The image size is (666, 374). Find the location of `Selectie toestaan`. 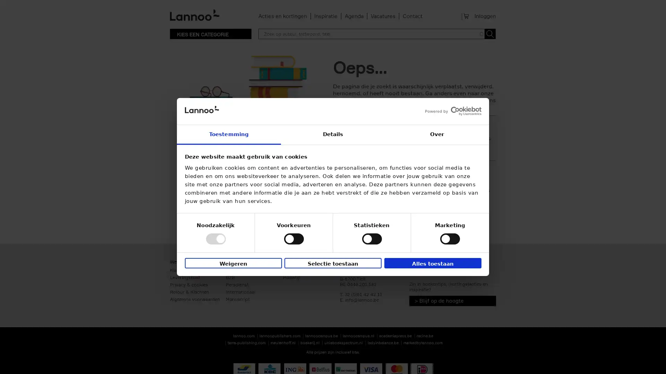

Selectie toestaan is located at coordinates (333, 263).